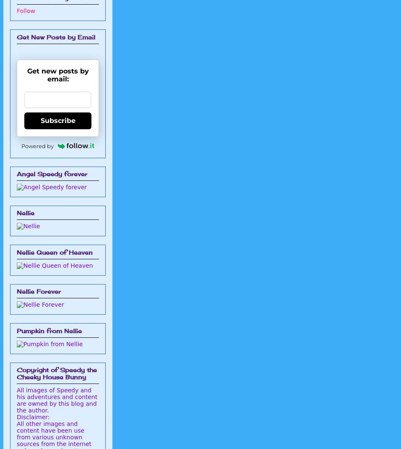 This screenshot has width=401, height=449. I want to click on 'Powered by', so click(21, 146).